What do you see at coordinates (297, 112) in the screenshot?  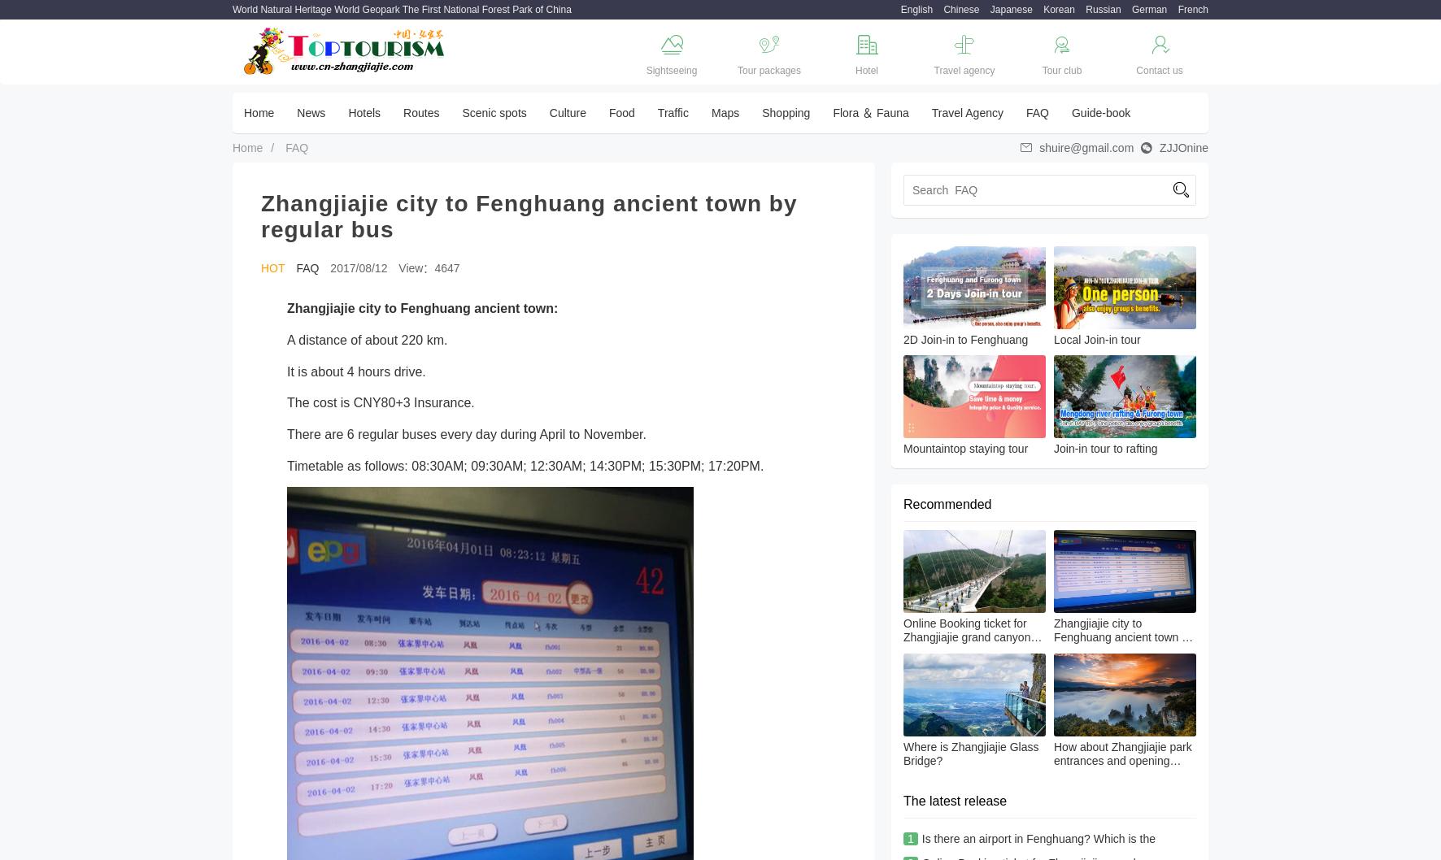 I see `'News'` at bounding box center [297, 112].